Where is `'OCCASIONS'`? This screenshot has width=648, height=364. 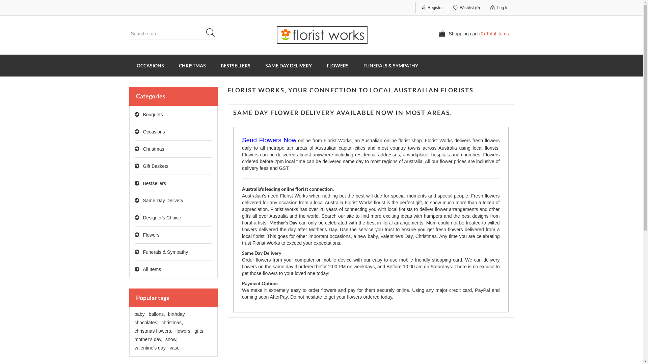
'OCCASIONS' is located at coordinates (150, 65).